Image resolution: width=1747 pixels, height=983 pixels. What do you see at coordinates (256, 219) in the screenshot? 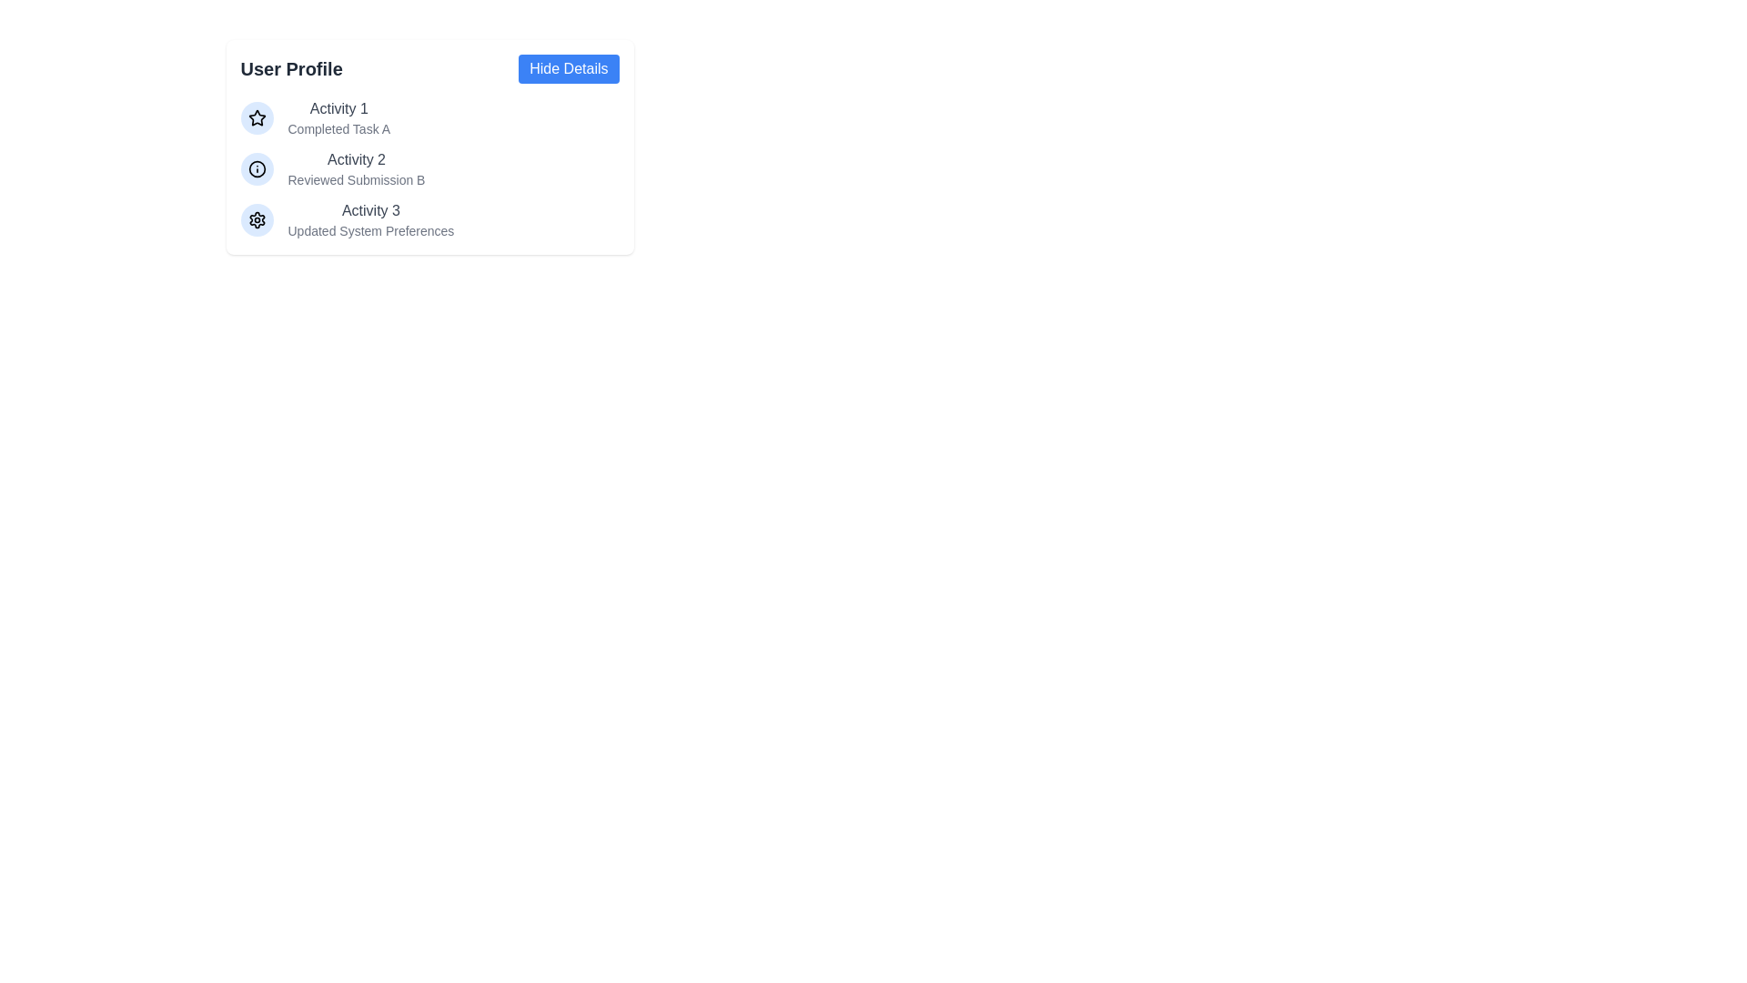
I see `the gear-shaped icon with a blue circular background located to the left of the 'Activity 3' text in the 'User Profile' card` at bounding box center [256, 219].